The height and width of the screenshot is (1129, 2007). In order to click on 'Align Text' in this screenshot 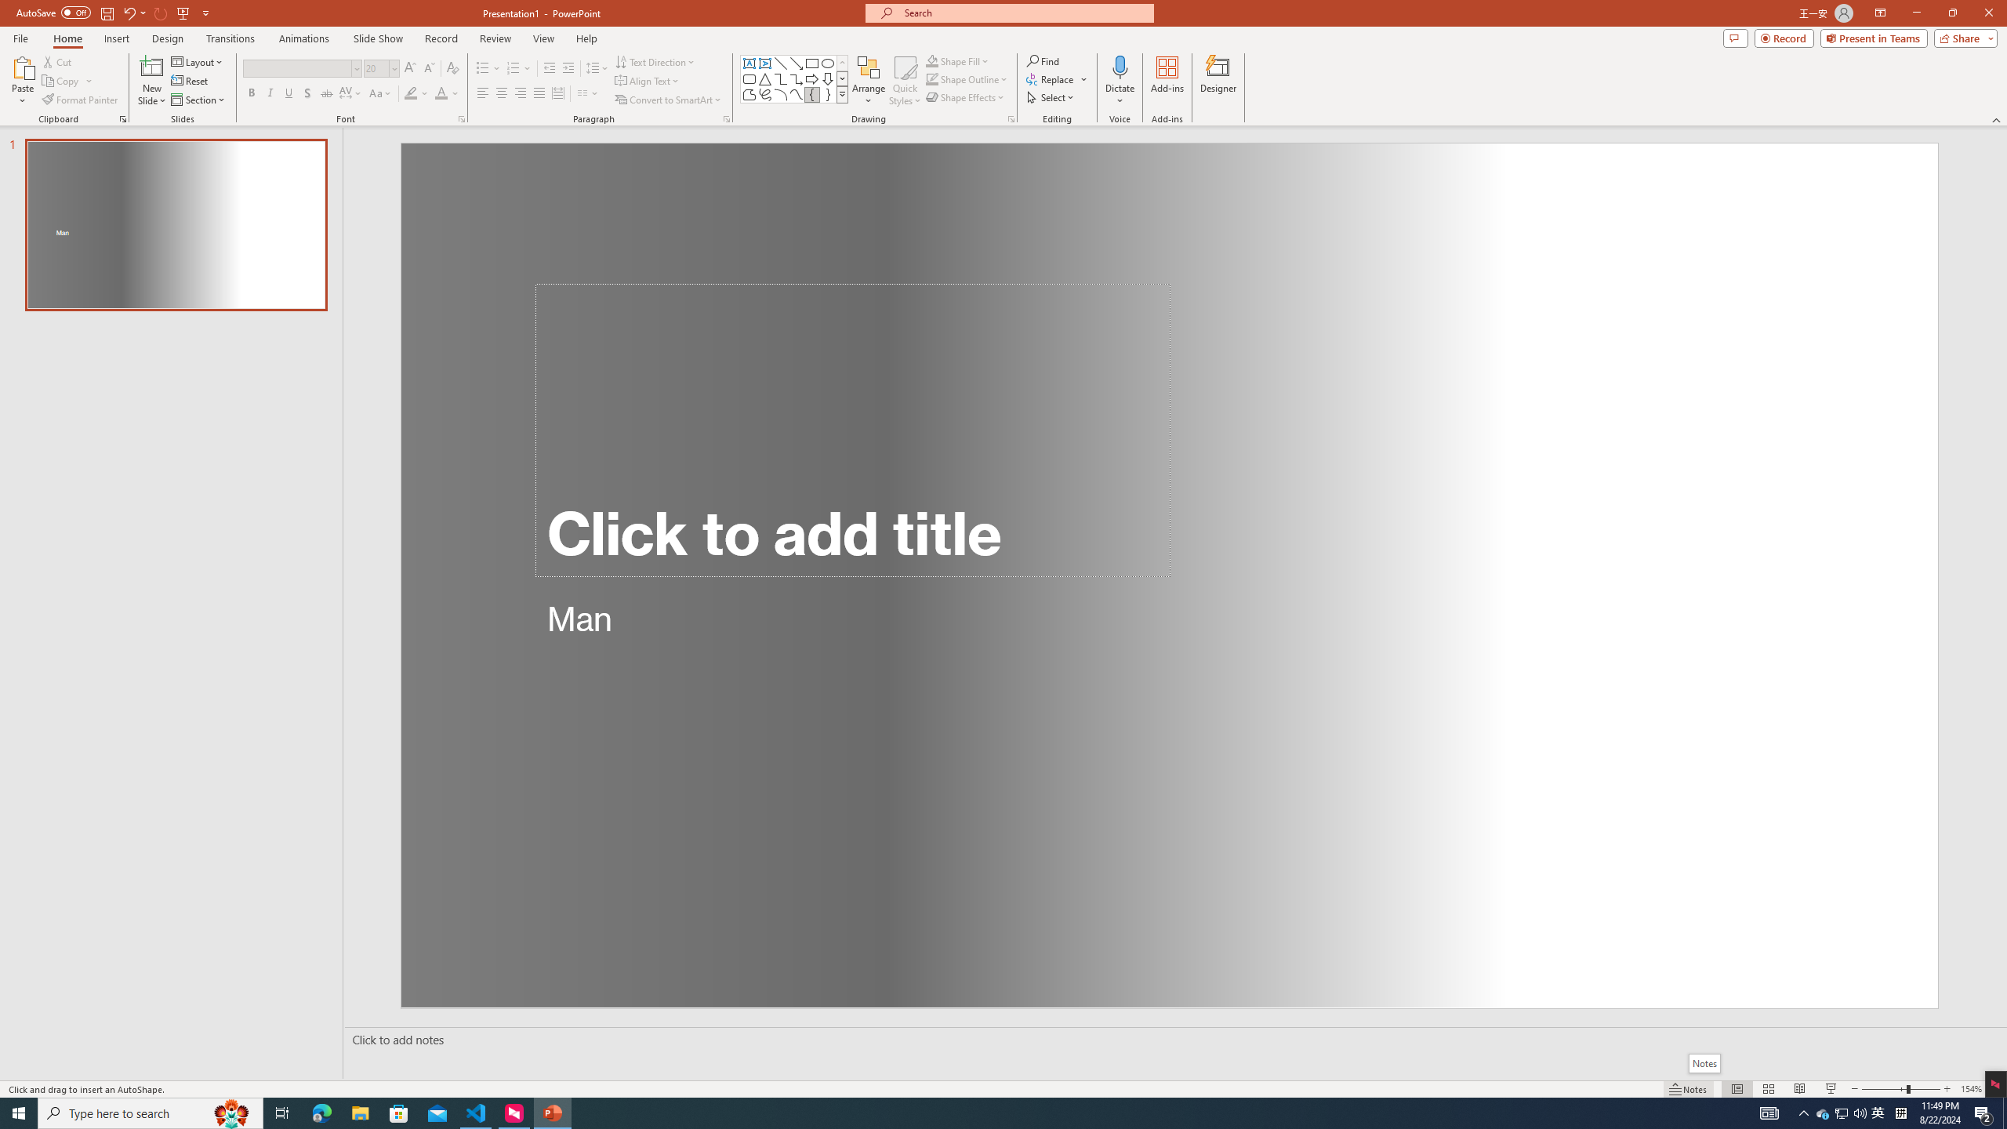, I will do `click(648, 81)`.